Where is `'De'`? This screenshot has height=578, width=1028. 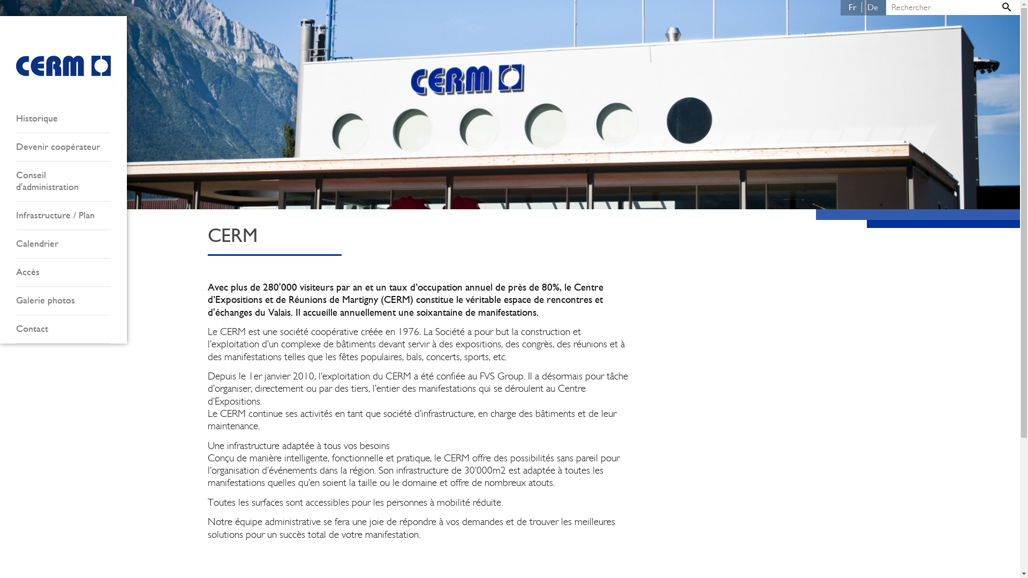
'De' is located at coordinates (872, 7).